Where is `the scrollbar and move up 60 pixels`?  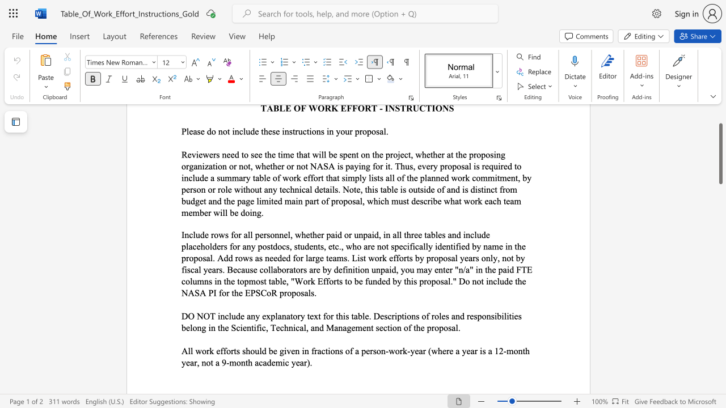
the scrollbar and move up 60 pixels is located at coordinates (720, 154).